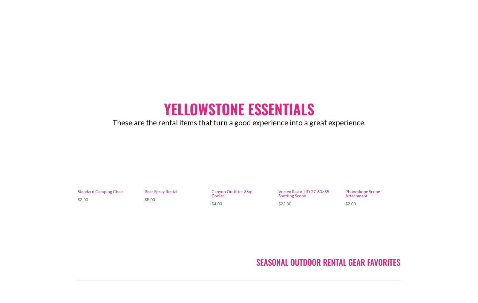  I want to click on '22.00', so click(286, 203).